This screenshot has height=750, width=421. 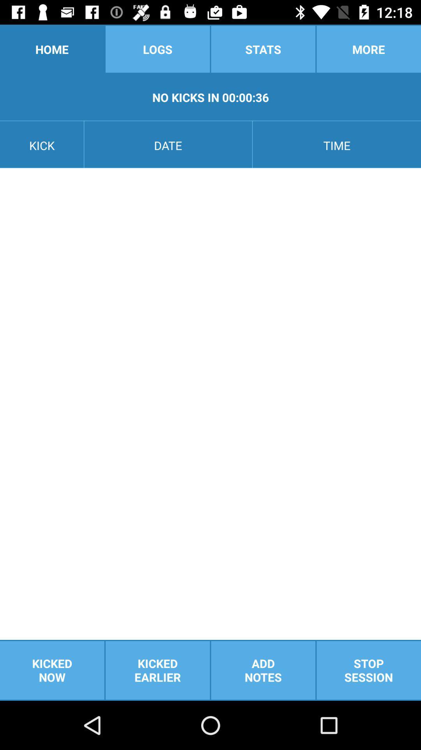 What do you see at coordinates (52, 48) in the screenshot?
I see `the home` at bounding box center [52, 48].